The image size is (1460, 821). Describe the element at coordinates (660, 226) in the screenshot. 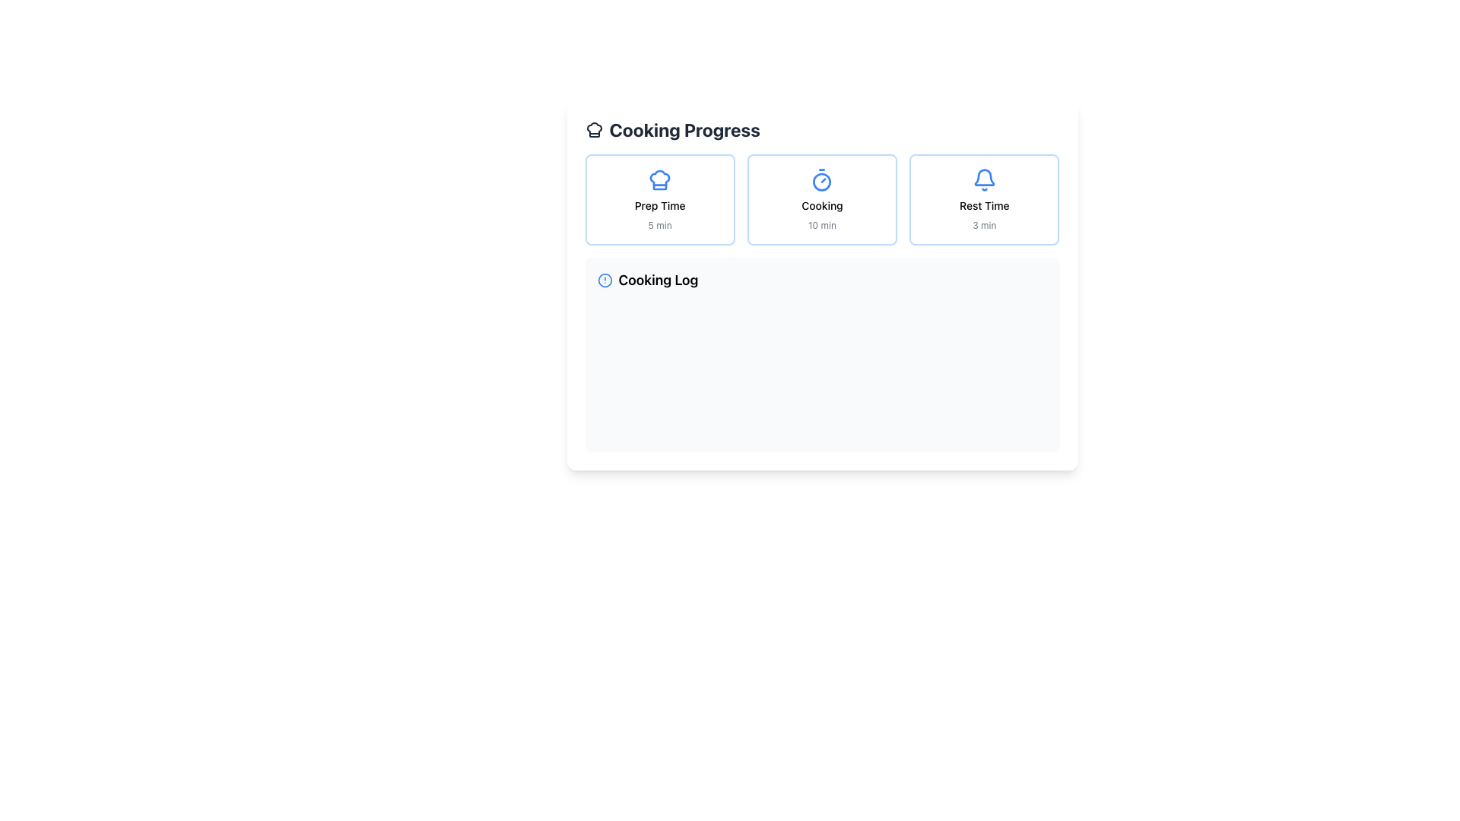

I see `the text label displaying '5 min' in a small, gray font located within the 'Prep Time' card of the 'Cooking Progress' section, positioned below the 'Prep Time' label and the chef hat icon` at that location.